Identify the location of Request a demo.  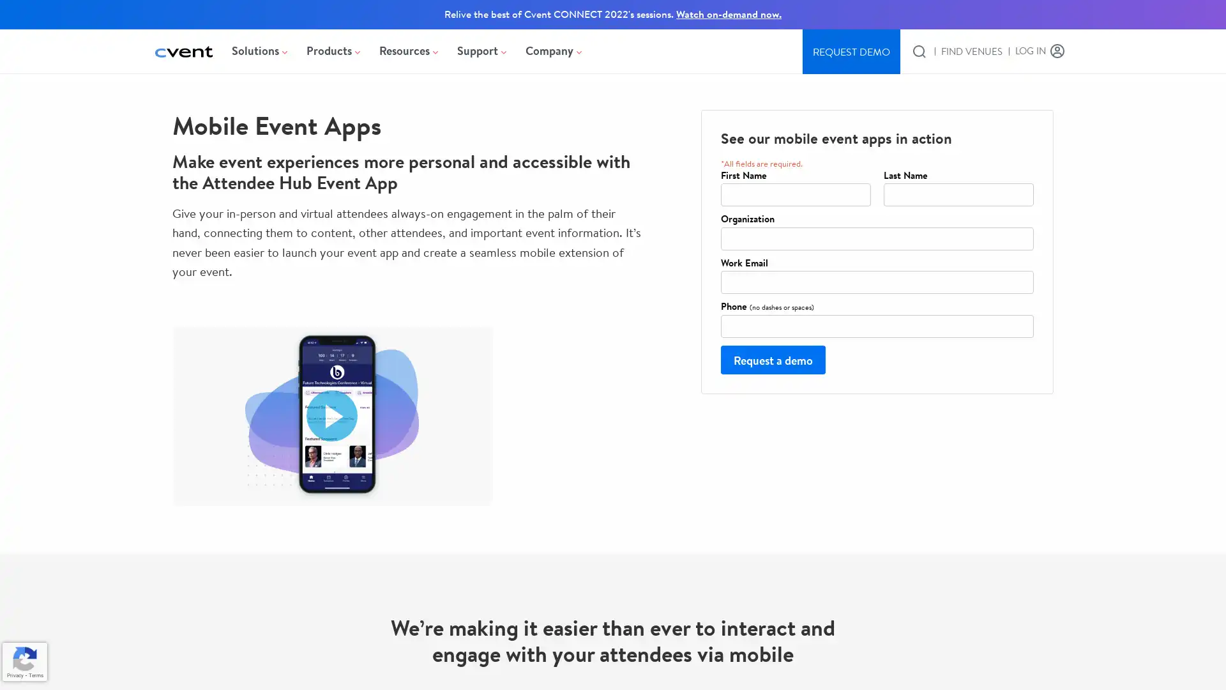
(772, 360).